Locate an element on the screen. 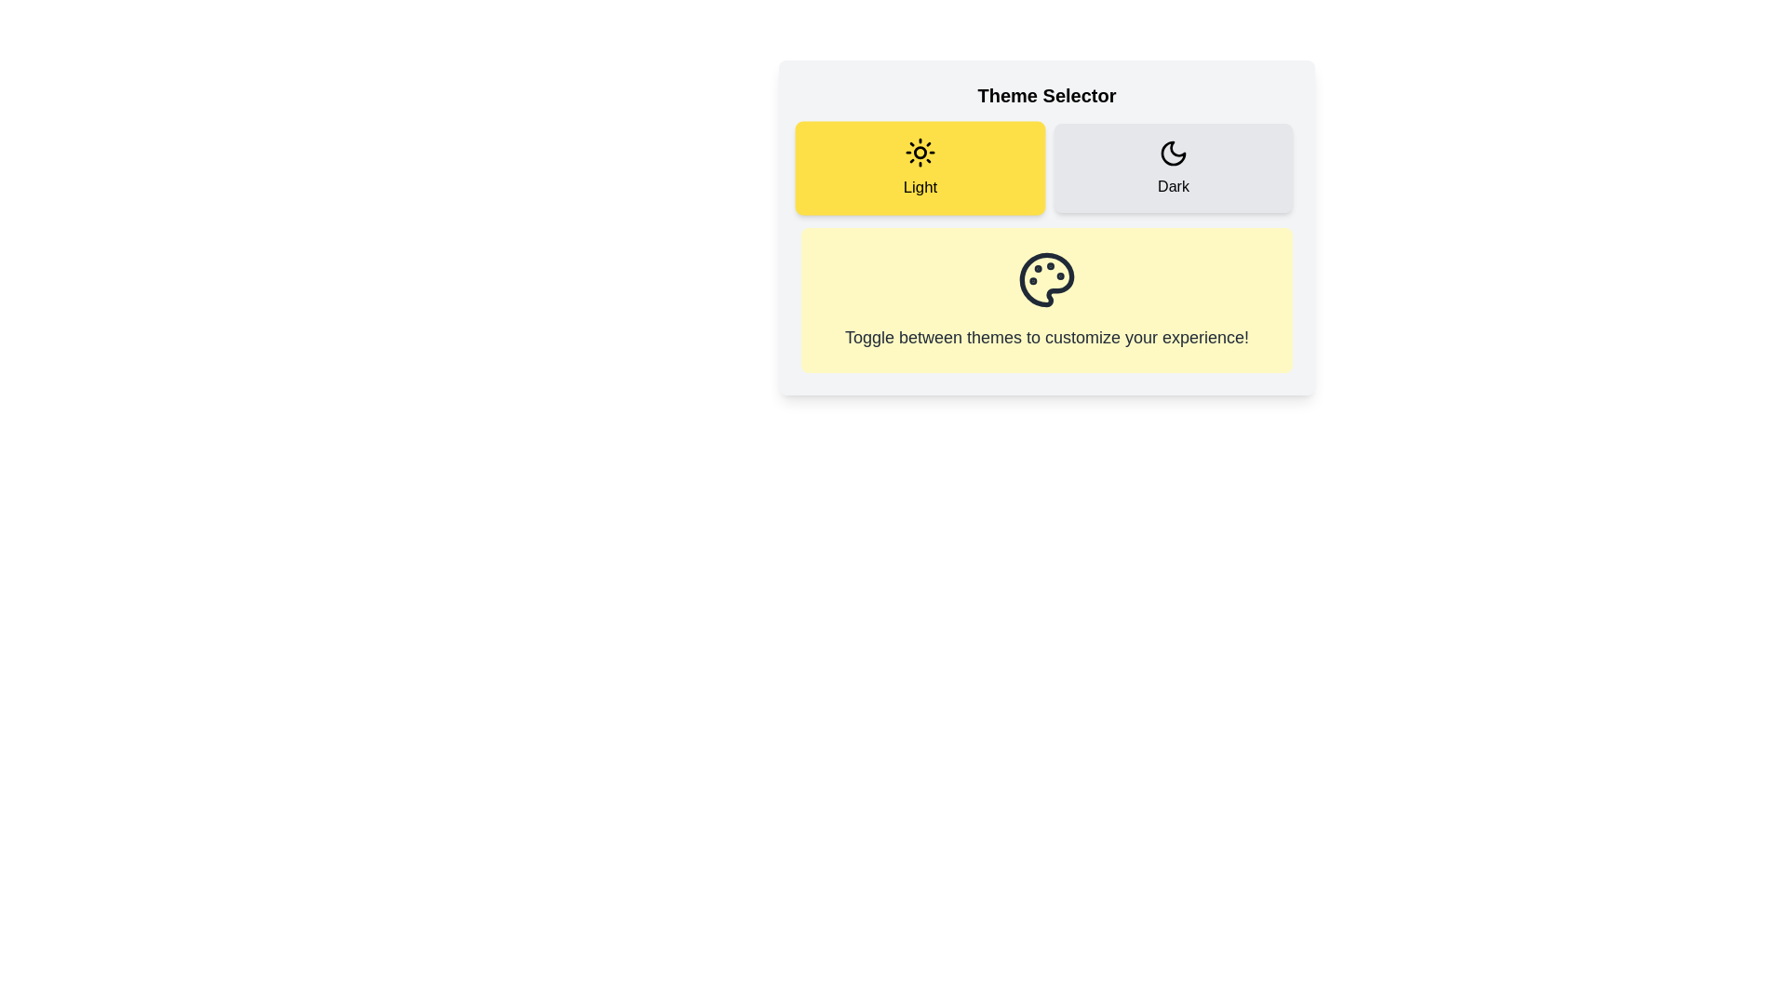 Image resolution: width=1787 pixels, height=1005 pixels. the Informational Text that reads 'Toggle between themes to customize your experience!' which is located below the painter's palette icon in a light yellow background is located at coordinates (1046, 337).